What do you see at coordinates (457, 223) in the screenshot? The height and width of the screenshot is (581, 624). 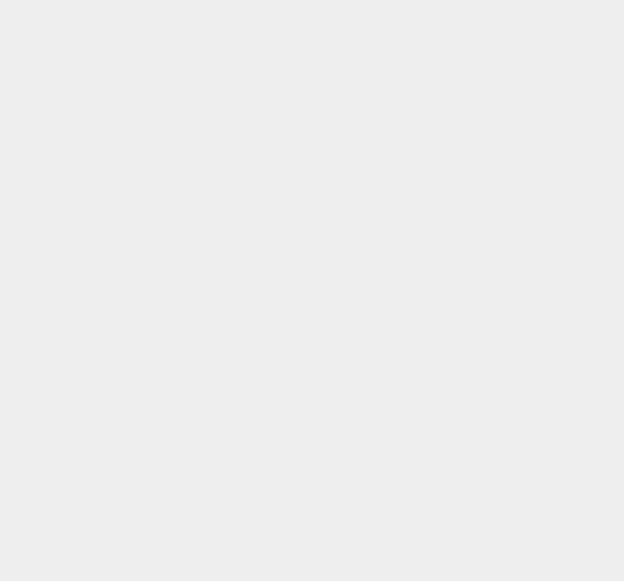 I see `'Bluetooth'` at bounding box center [457, 223].